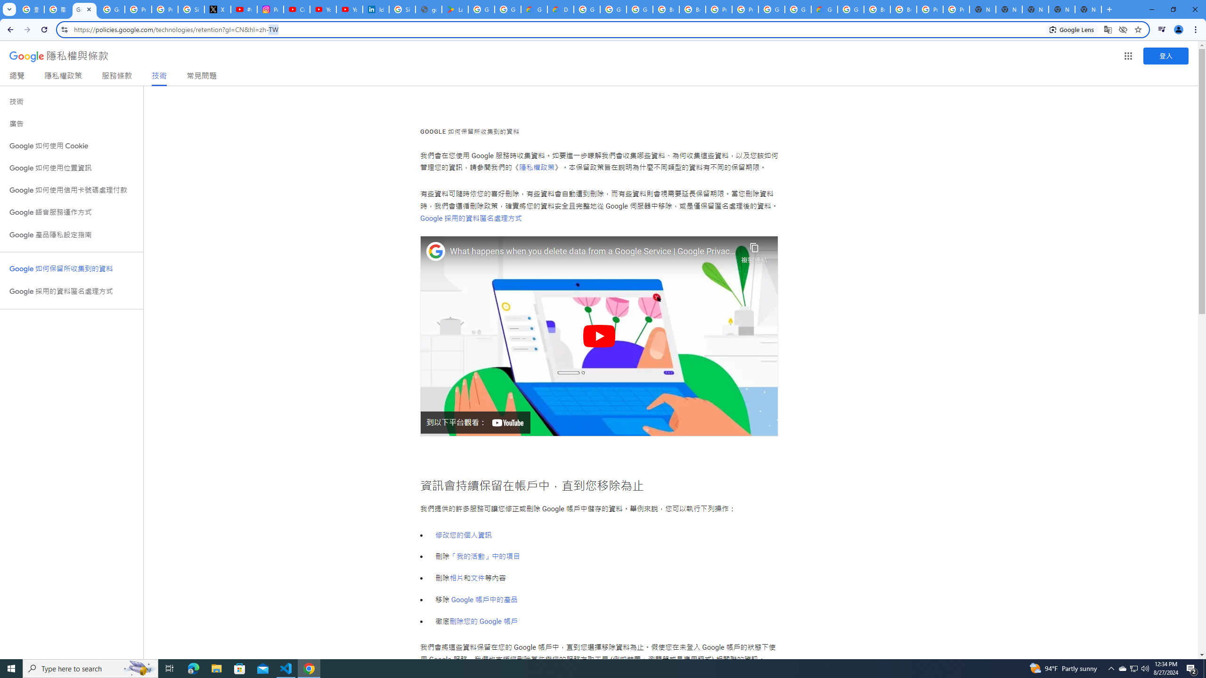 This screenshot has height=678, width=1206. What do you see at coordinates (1108, 9) in the screenshot?
I see `'New Tab'` at bounding box center [1108, 9].